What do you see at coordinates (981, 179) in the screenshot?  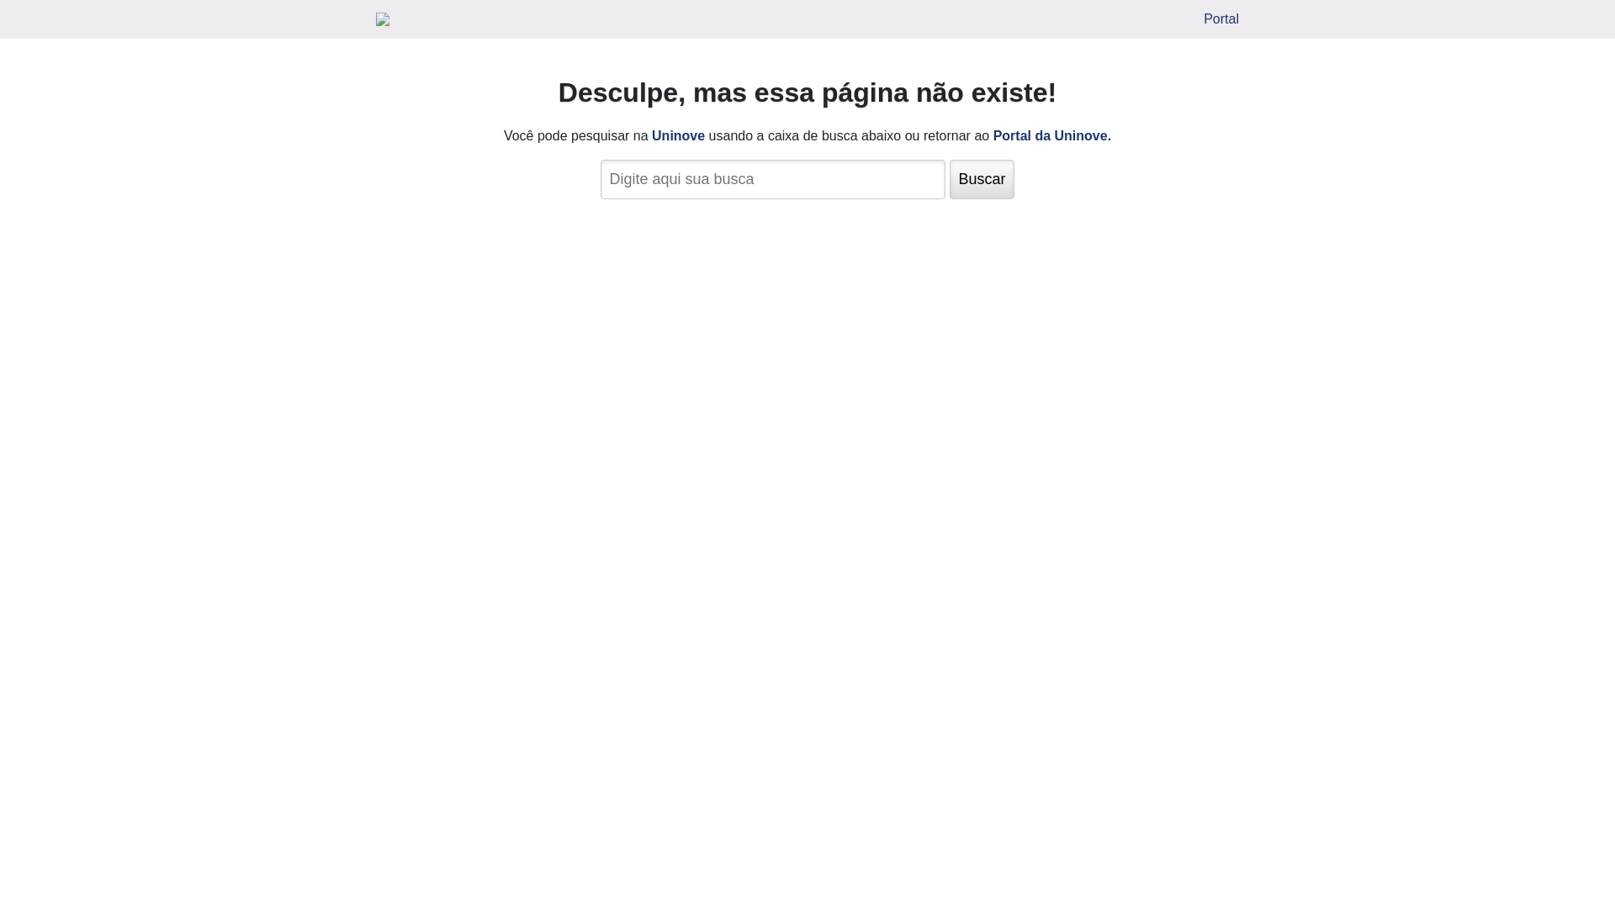 I see `'Buscar'` at bounding box center [981, 179].